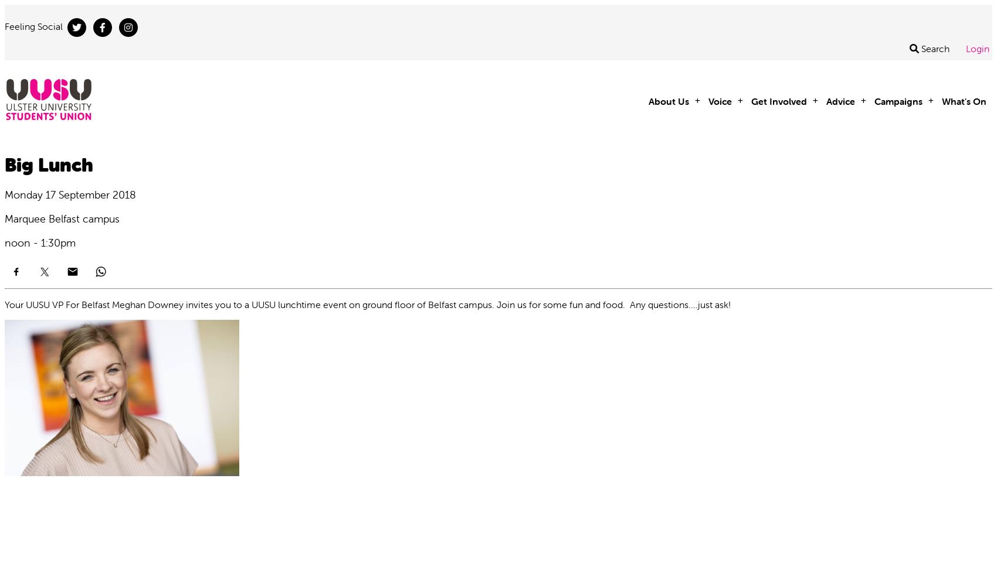 This screenshot has width=997, height=564. I want to click on 'Marquee Belfast campus', so click(62, 218).